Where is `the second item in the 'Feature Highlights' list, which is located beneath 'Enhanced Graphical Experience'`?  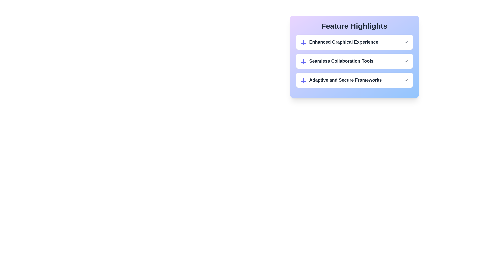
the second item in the 'Feature Highlights' list, which is located beneath 'Enhanced Graphical Experience' is located at coordinates (354, 61).